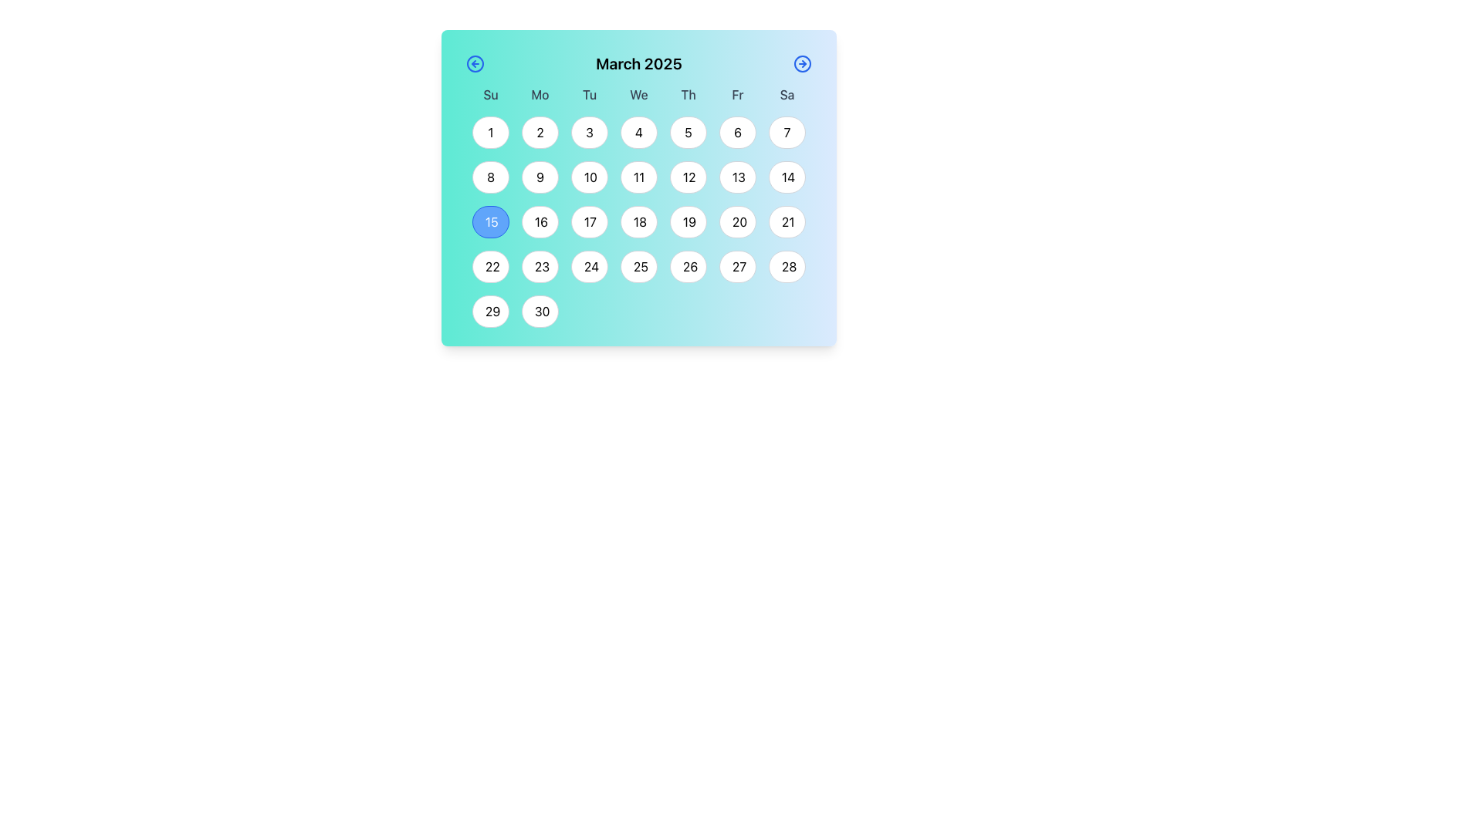  I want to click on the button representing the date March 11th, which is the fourth item in the second row of the calendar grid, so click(639, 177).